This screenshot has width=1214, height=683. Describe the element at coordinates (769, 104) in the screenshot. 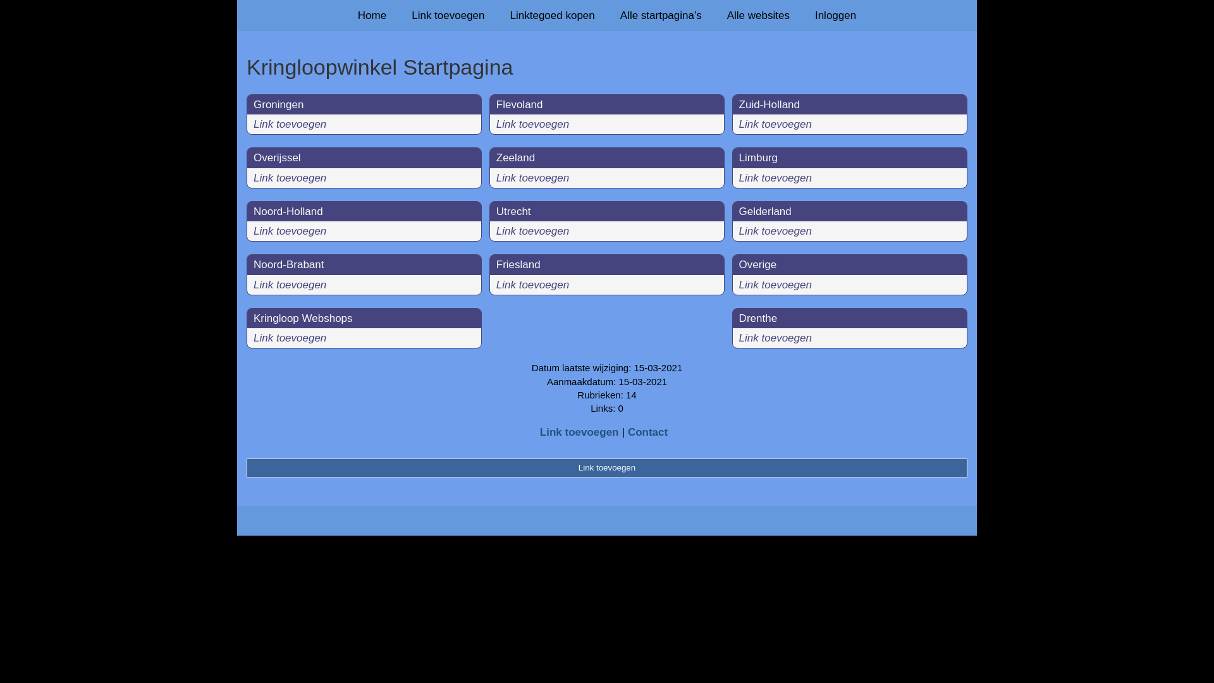

I see `'Zuid-Holland'` at that location.